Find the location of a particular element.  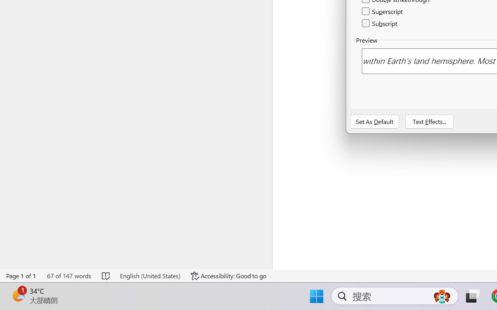

'Page Number Page 1 of 1' is located at coordinates (21, 276).